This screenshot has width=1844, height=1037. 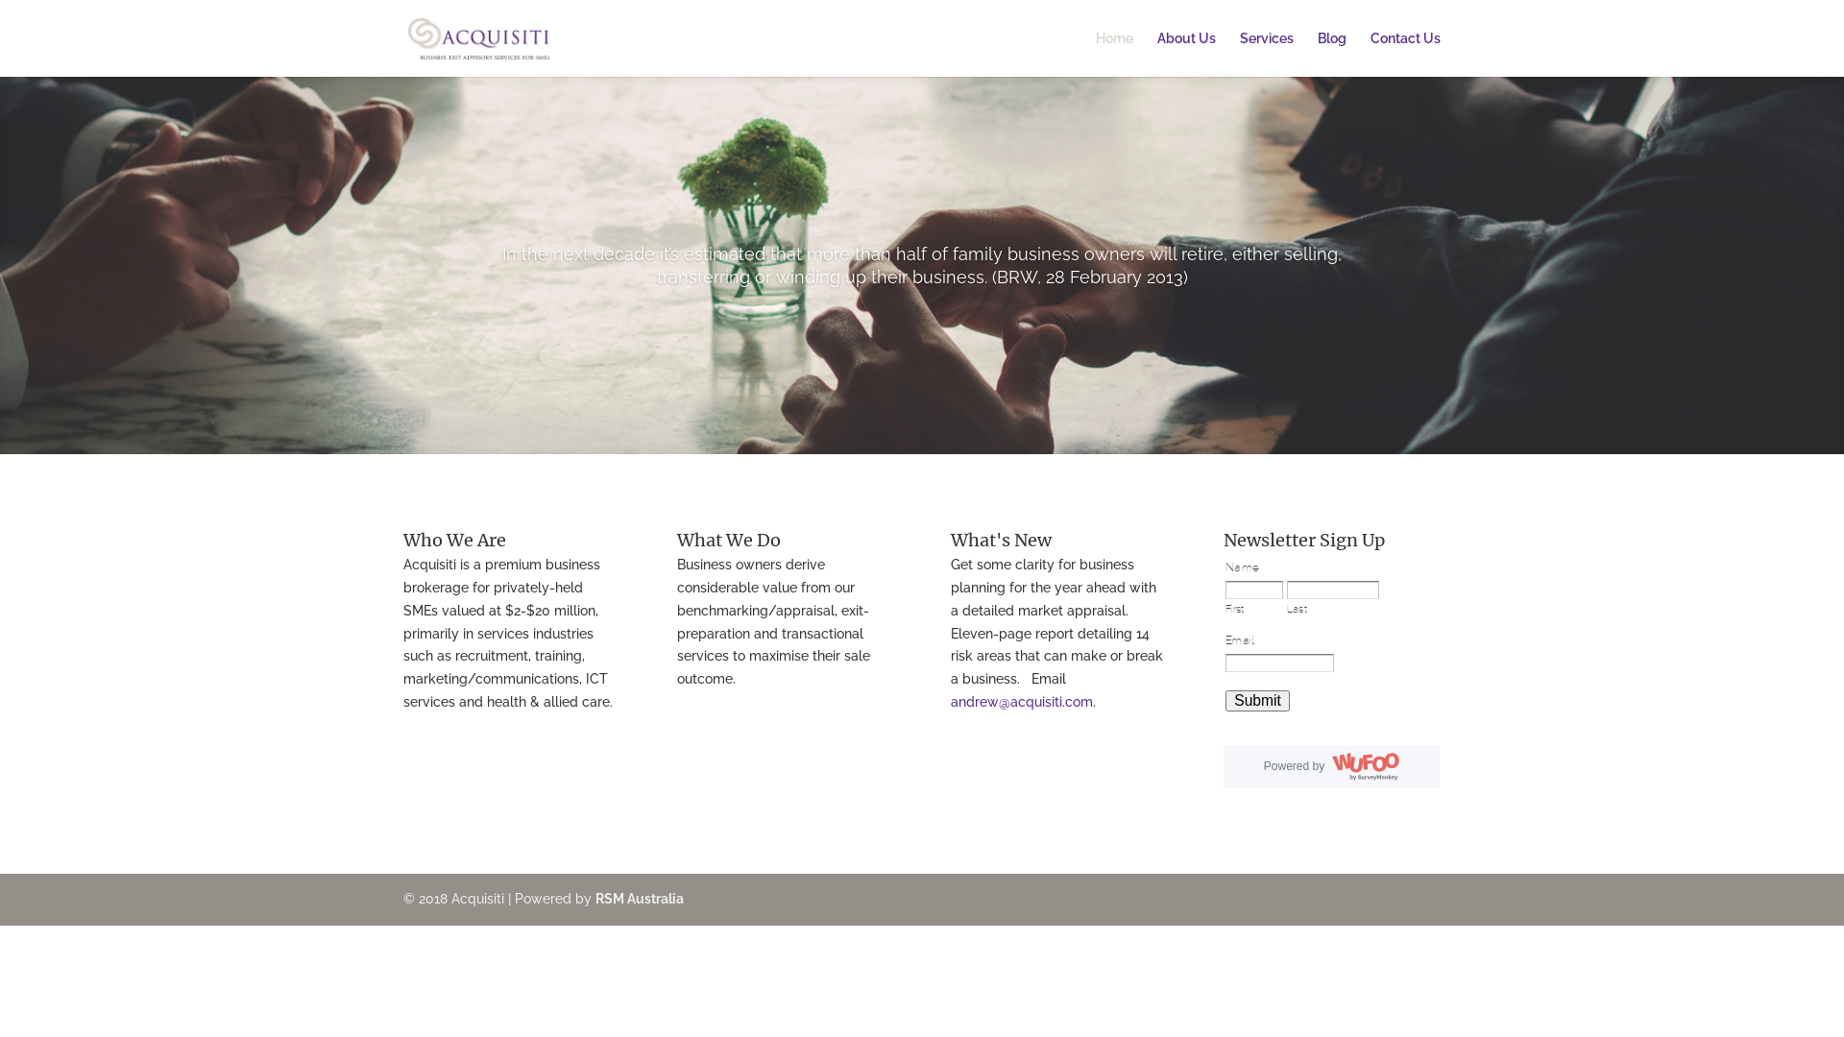 I want to click on 'Blog', so click(x=1331, y=53).